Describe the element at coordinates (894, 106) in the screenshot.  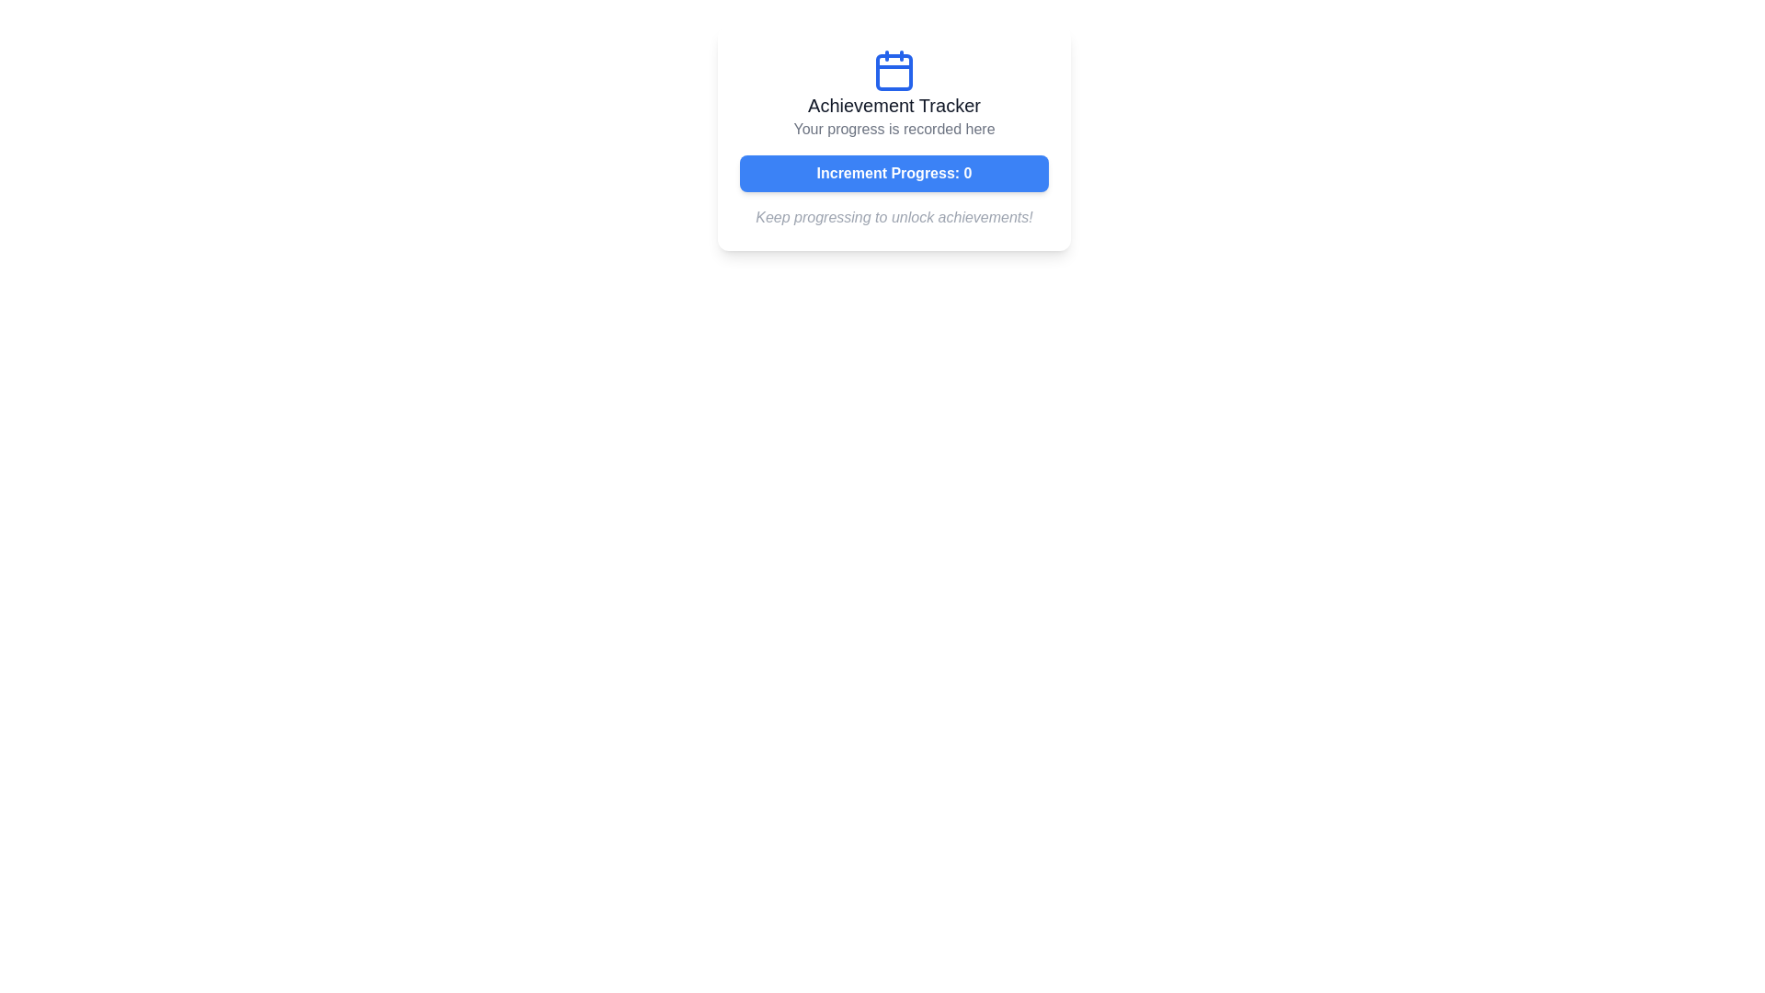
I see `the Text Label that serves as a title for the achievements section, located below the calendar icon and above the text 'Your progress is recorded here'` at that location.